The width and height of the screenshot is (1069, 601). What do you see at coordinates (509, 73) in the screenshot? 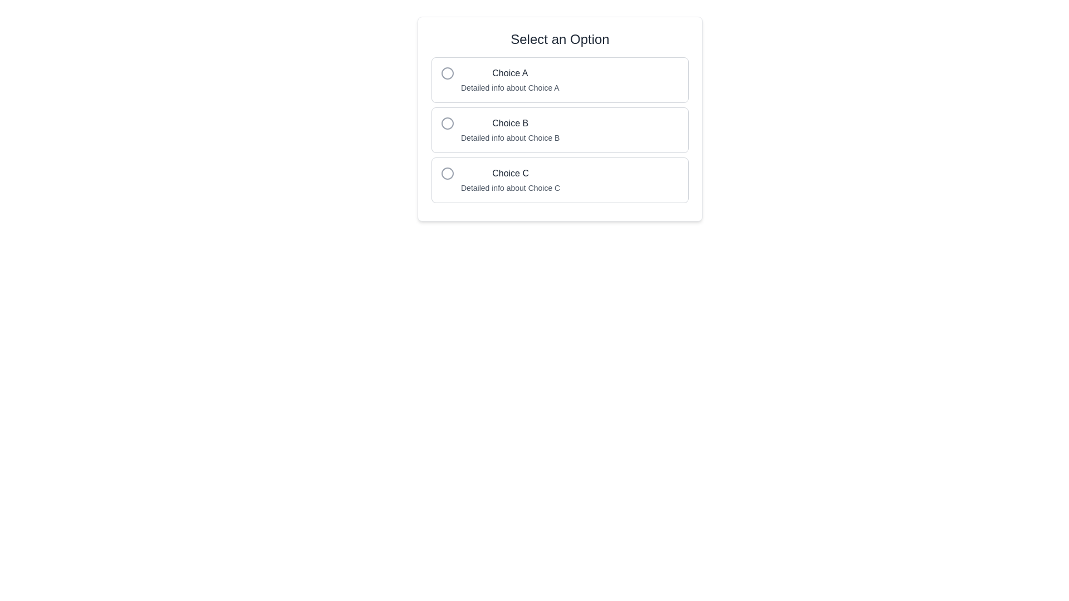
I see `the text label displaying 'Choice A', which is styled in bold dark gray and serves as the title for a grouped radio button option` at bounding box center [509, 73].